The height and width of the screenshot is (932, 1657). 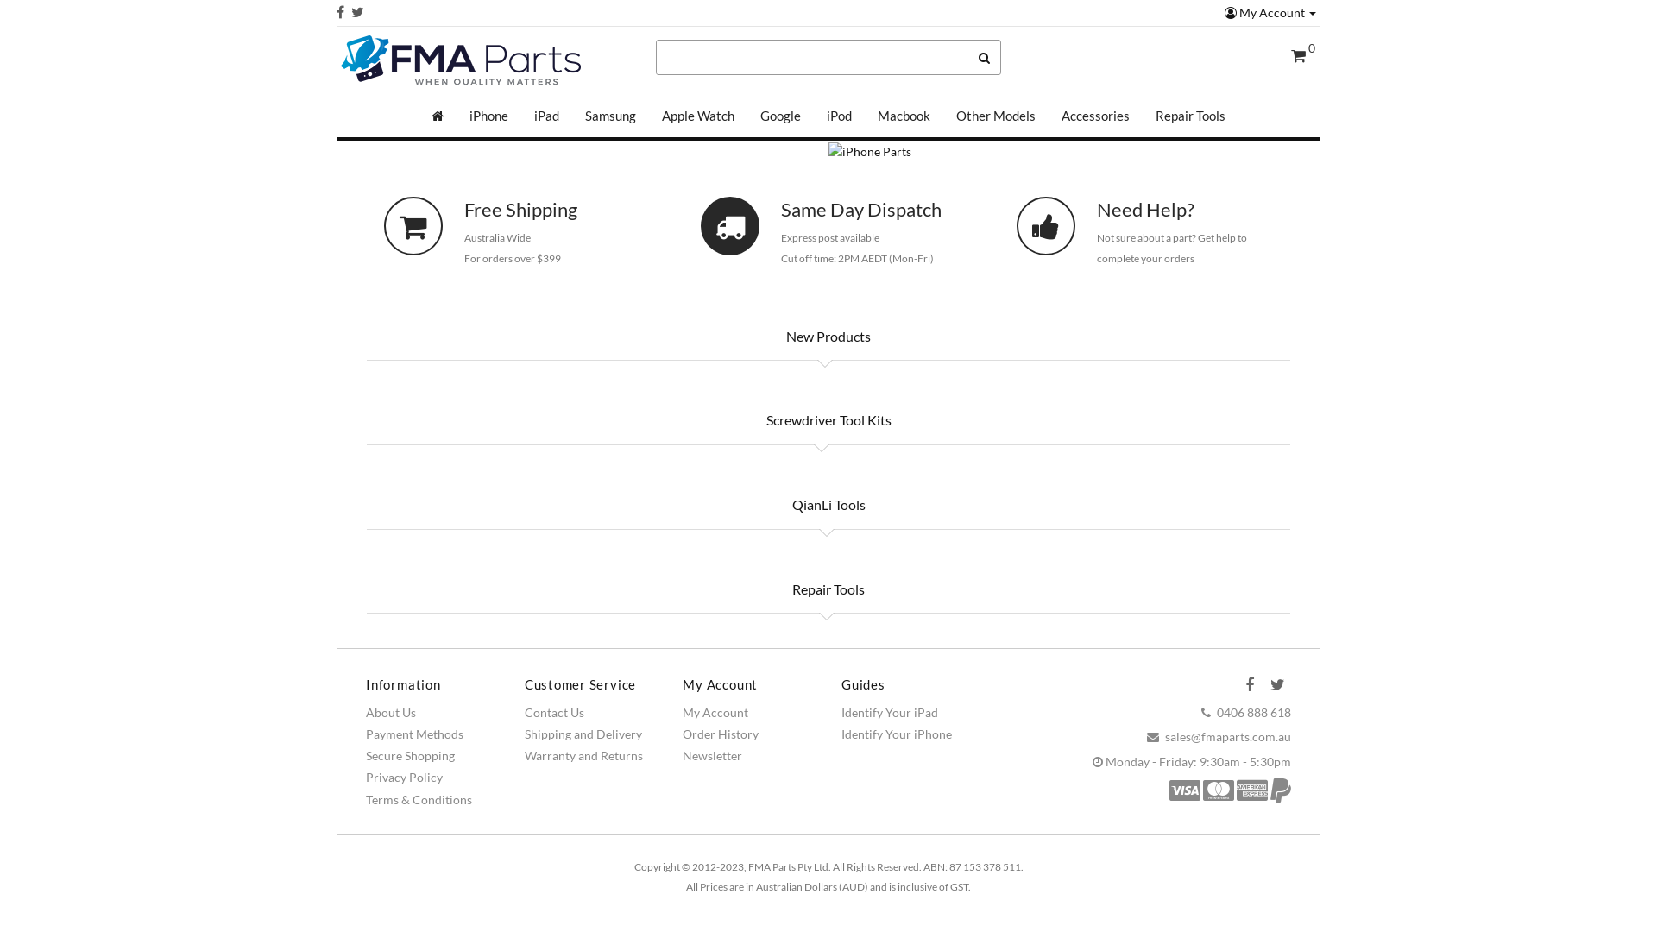 What do you see at coordinates (438, 116) in the screenshot?
I see `'Home'` at bounding box center [438, 116].